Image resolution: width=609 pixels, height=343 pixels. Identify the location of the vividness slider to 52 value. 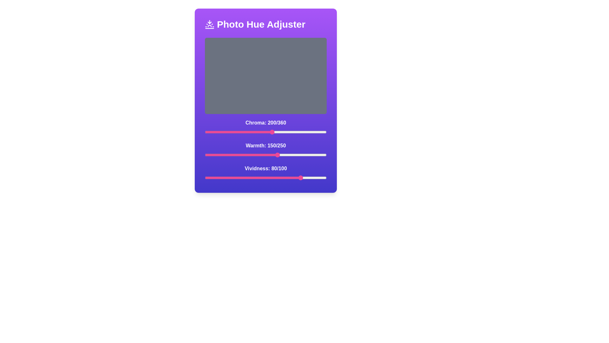
(268, 178).